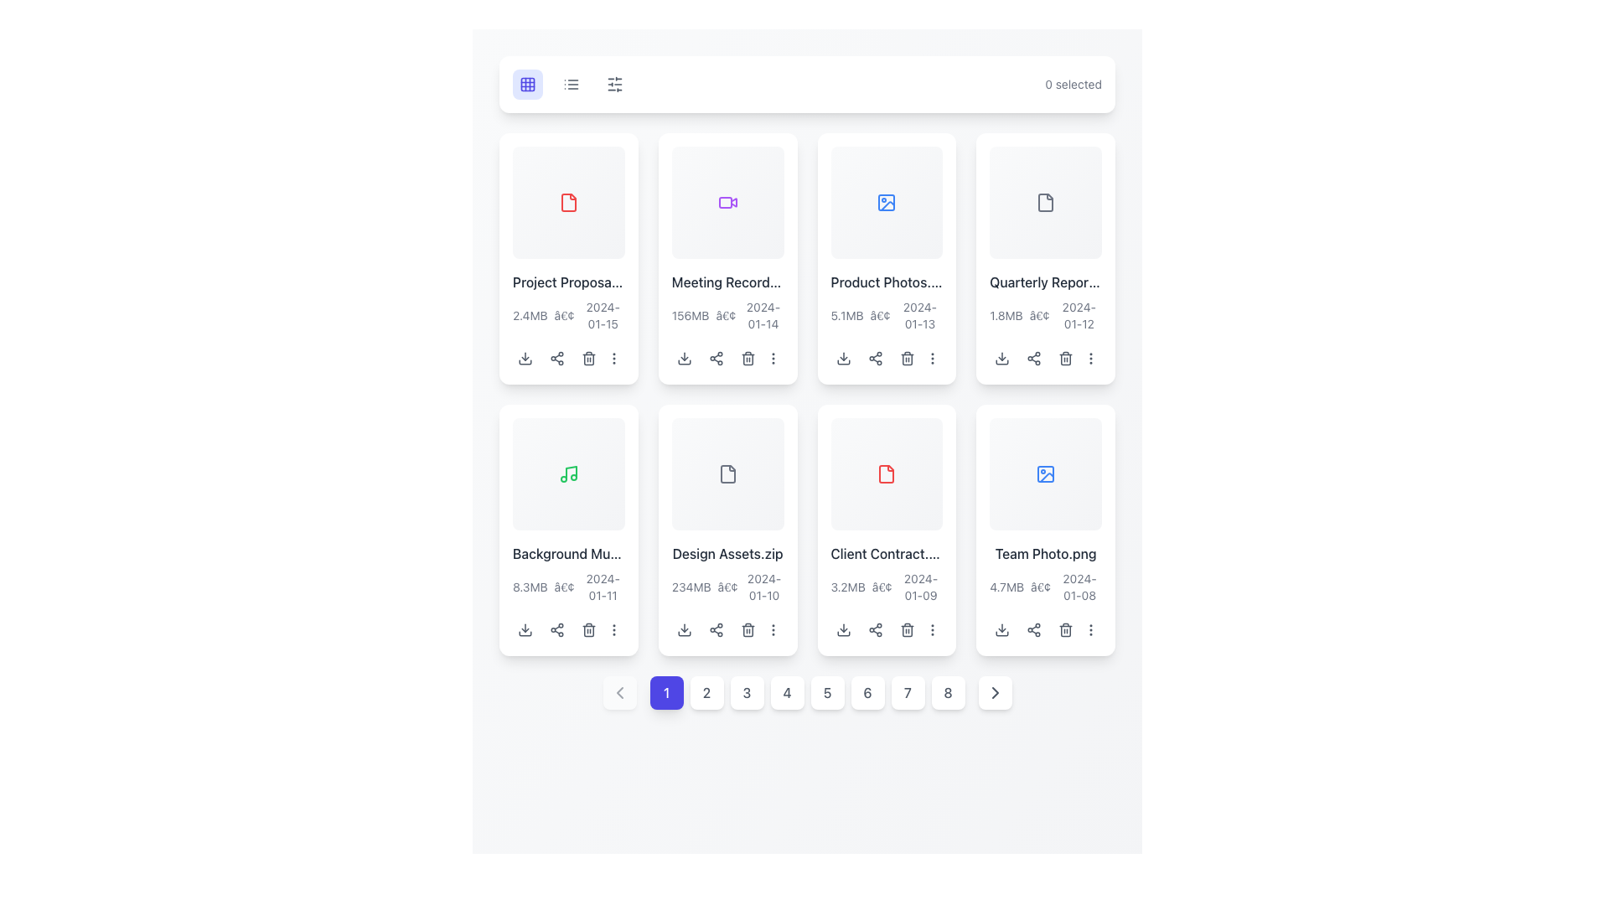  What do you see at coordinates (1033, 357) in the screenshot?
I see `the share icon button located in the row of icons beneath the 'Quarterly Report.pdf' file preview and name to initiate the sharing action` at bounding box center [1033, 357].